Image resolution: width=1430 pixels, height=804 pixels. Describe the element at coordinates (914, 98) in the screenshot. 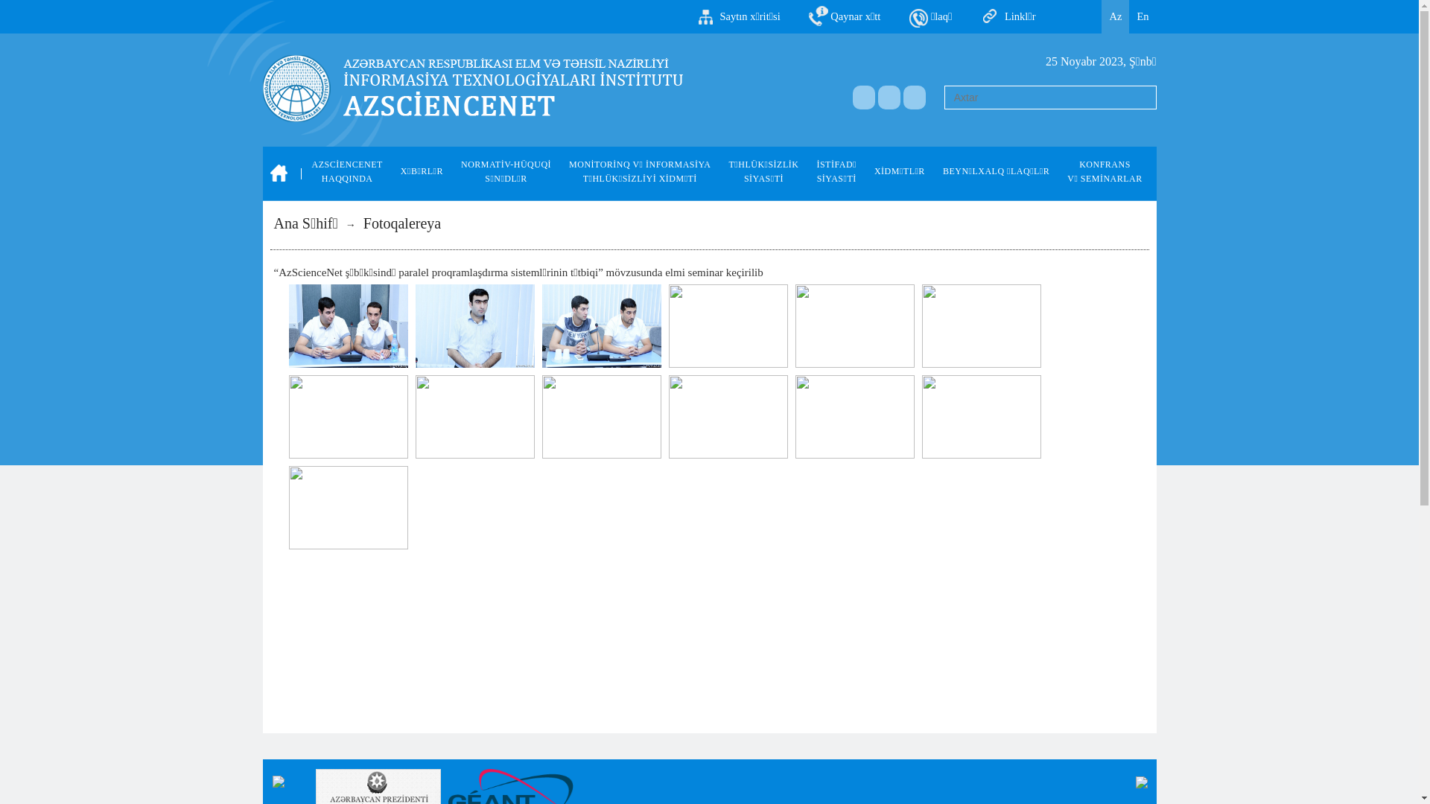

I see `'a'` at that location.